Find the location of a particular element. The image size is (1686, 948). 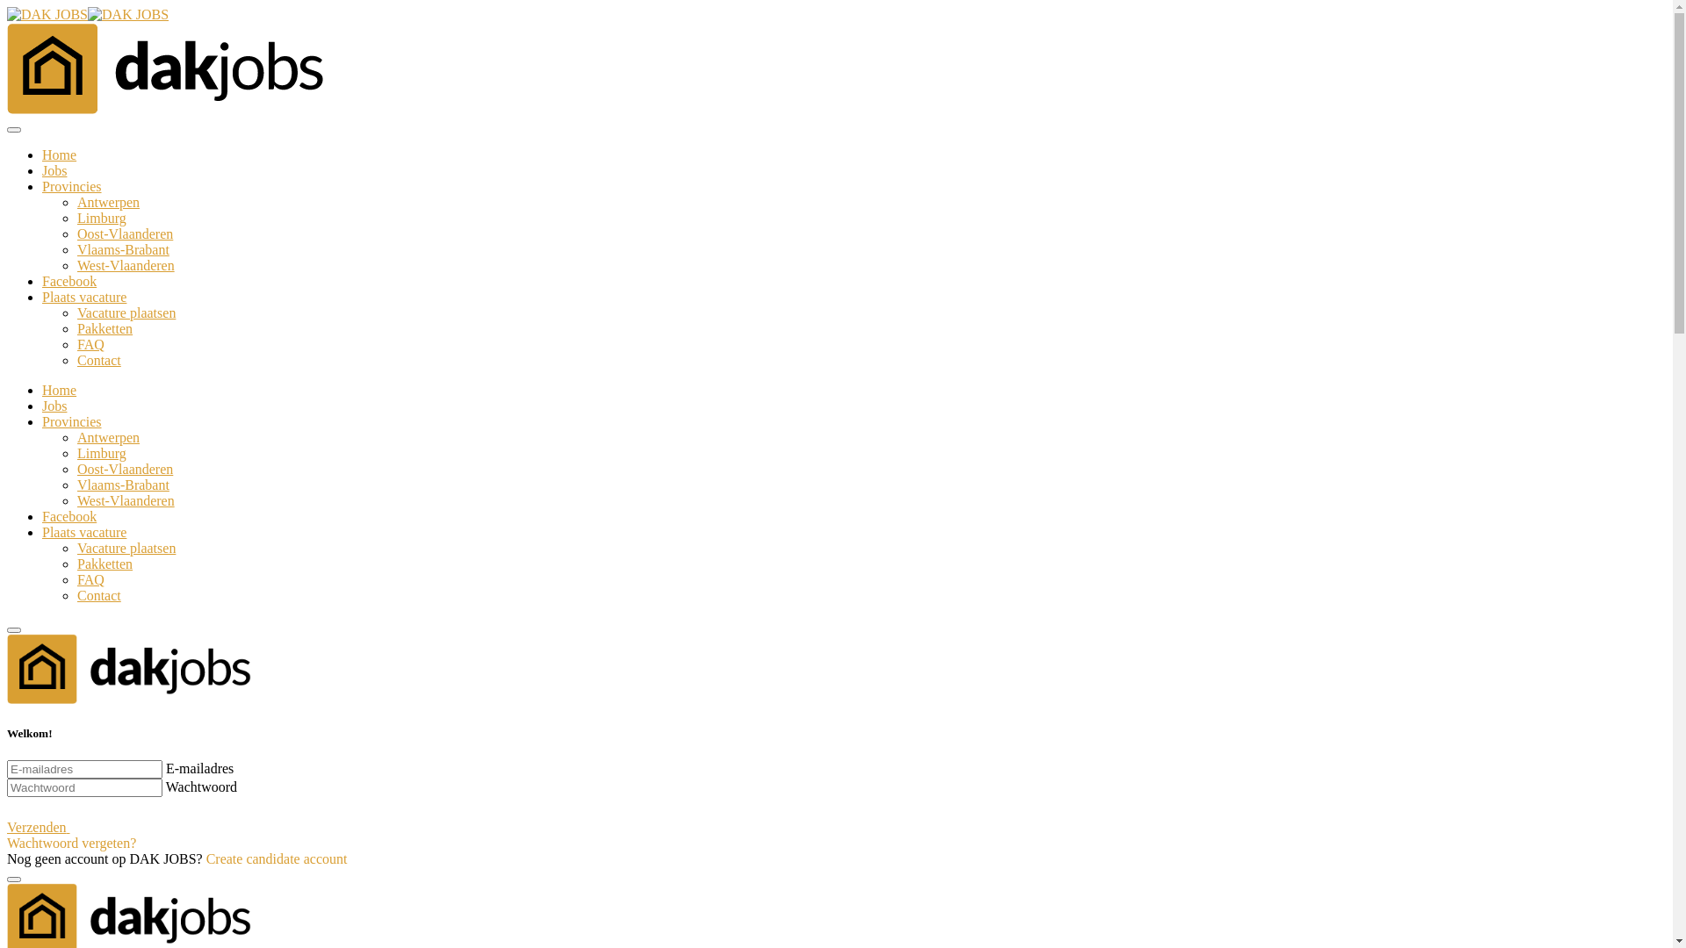

'Provincies' is located at coordinates (70, 421).